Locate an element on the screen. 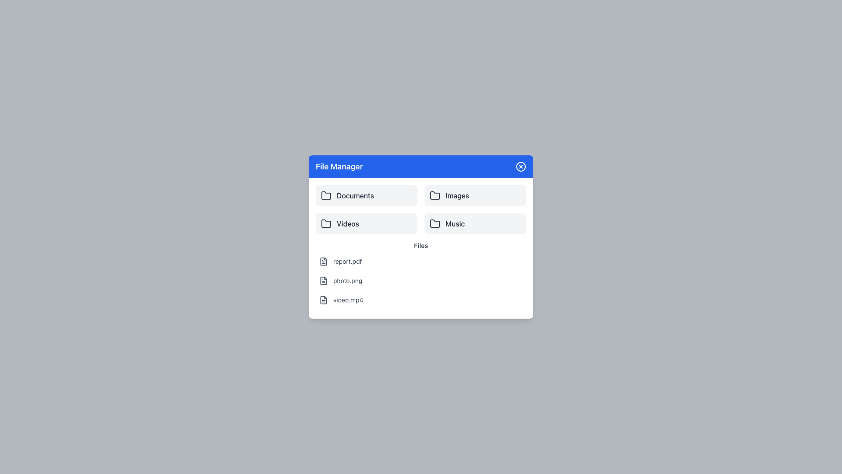 The width and height of the screenshot is (842, 474). the 'Music' folder icon, which is a gray folder-like icon with a rounded rectangle shape at the top left corner, located in the second row and second column of the 'File Manager' interface is located at coordinates (435, 223).